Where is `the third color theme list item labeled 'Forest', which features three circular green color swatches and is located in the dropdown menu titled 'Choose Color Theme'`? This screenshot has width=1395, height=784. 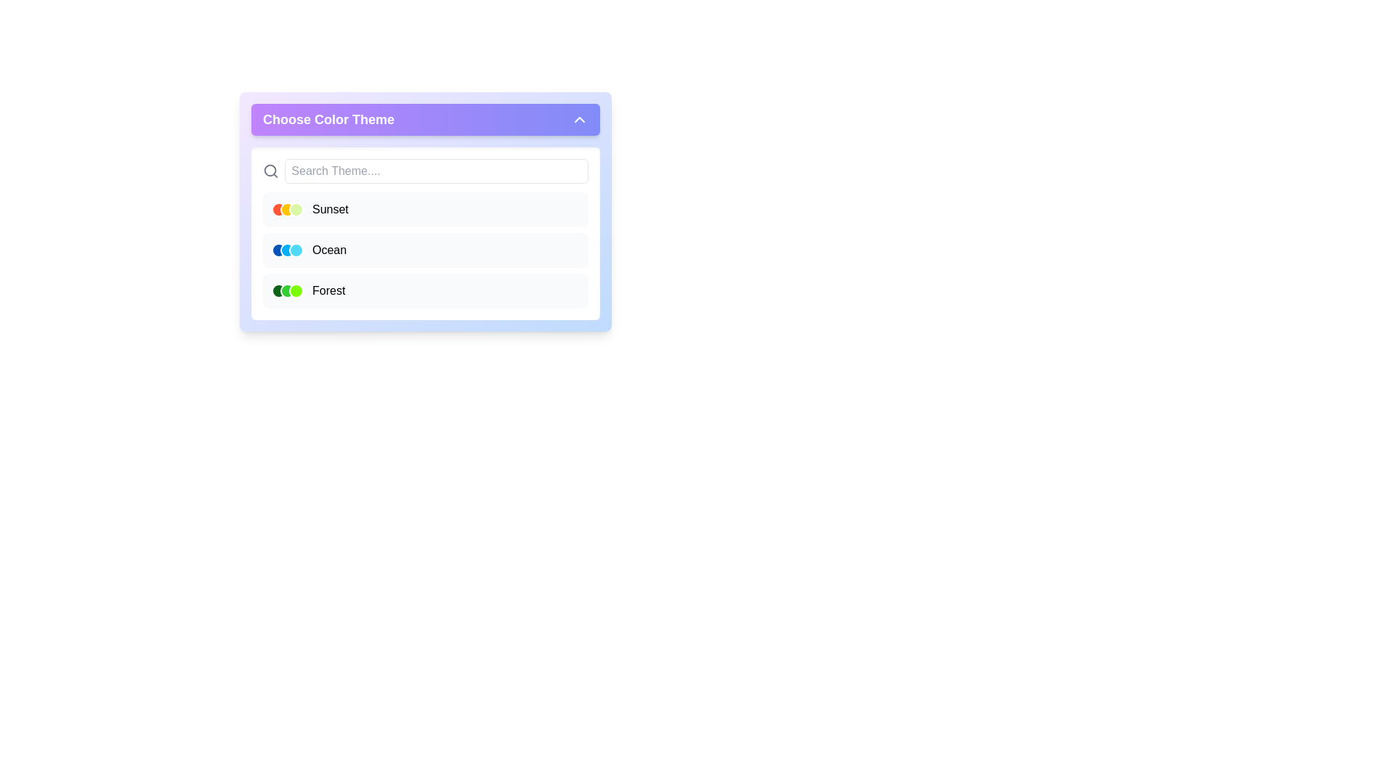
the third color theme list item labeled 'Forest', which features three circular green color swatches and is located in the dropdown menu titled 'Choose Color Theme' is located at coordinates (307, 291).